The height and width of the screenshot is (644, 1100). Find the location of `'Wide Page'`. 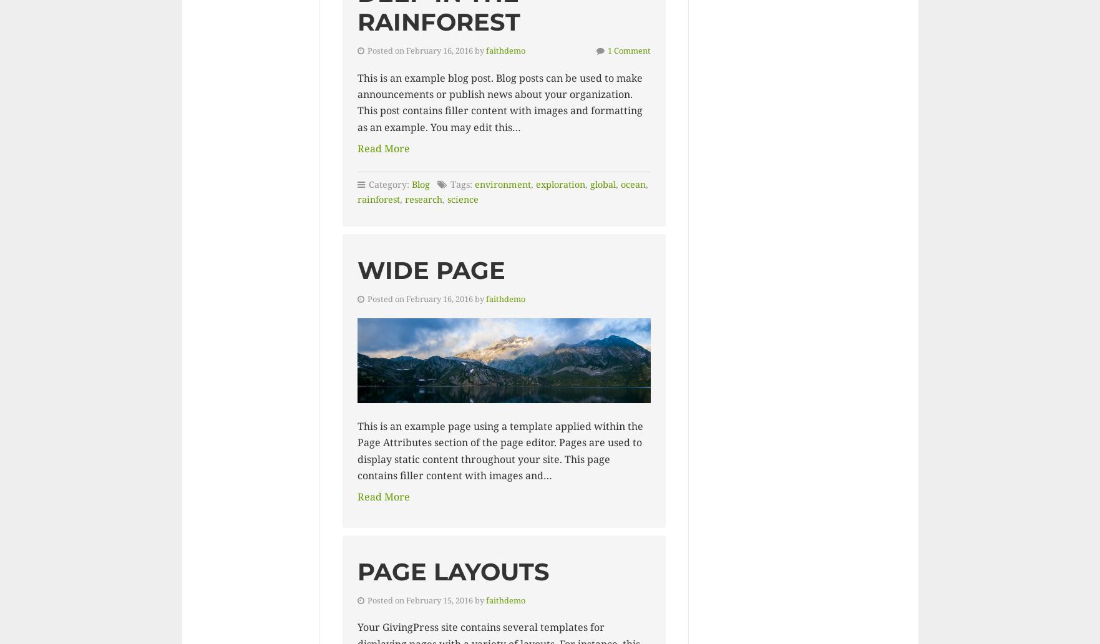

'Wide Page' is located at coordinates (431, 270).